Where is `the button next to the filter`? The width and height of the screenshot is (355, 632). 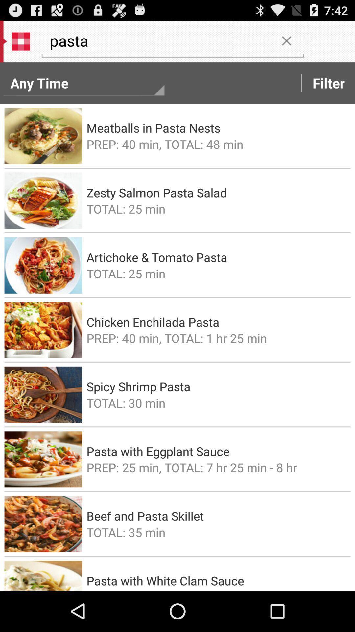
the button next to the filter is located at coordinates (286, 40).